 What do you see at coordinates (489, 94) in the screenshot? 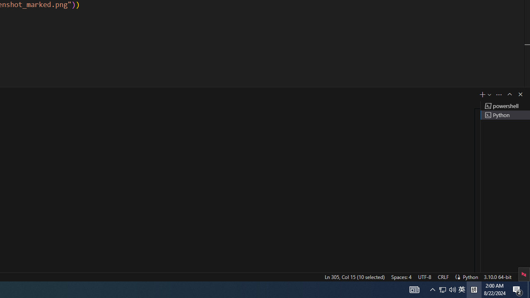
I see `'Launch Profile...'` at bounding box center [489, 94].